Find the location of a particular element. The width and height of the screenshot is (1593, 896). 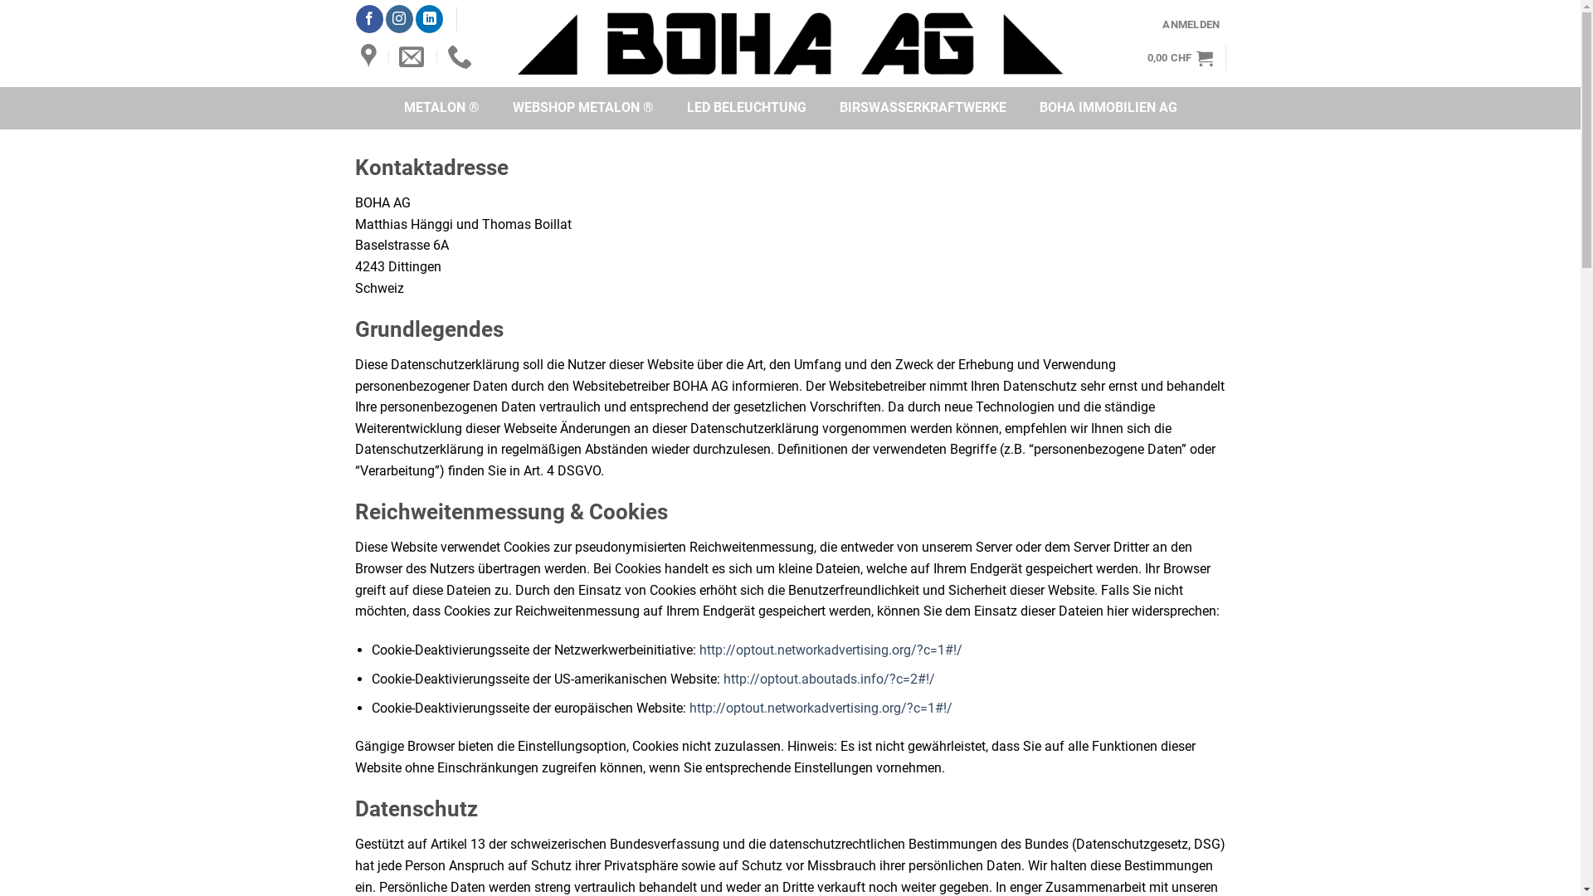

'BIRSWASSERKRAFTWERKE' is located at coordinates (922, 108).